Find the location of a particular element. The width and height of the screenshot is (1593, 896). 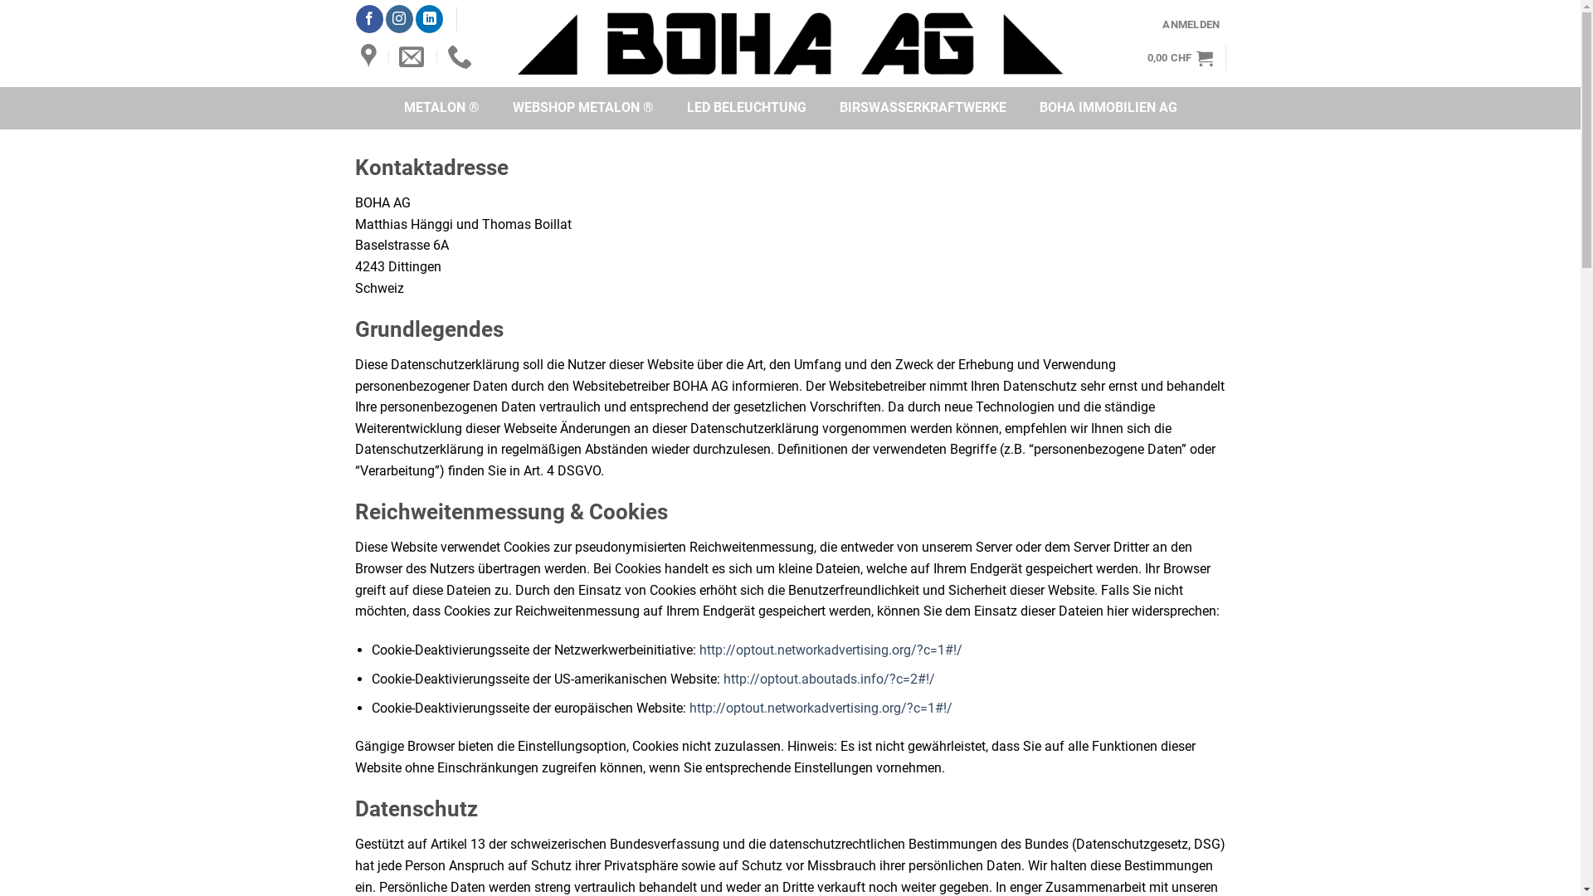

'BIRSWASSERKRAFTWERKE' is located at coordinates (922, 108).